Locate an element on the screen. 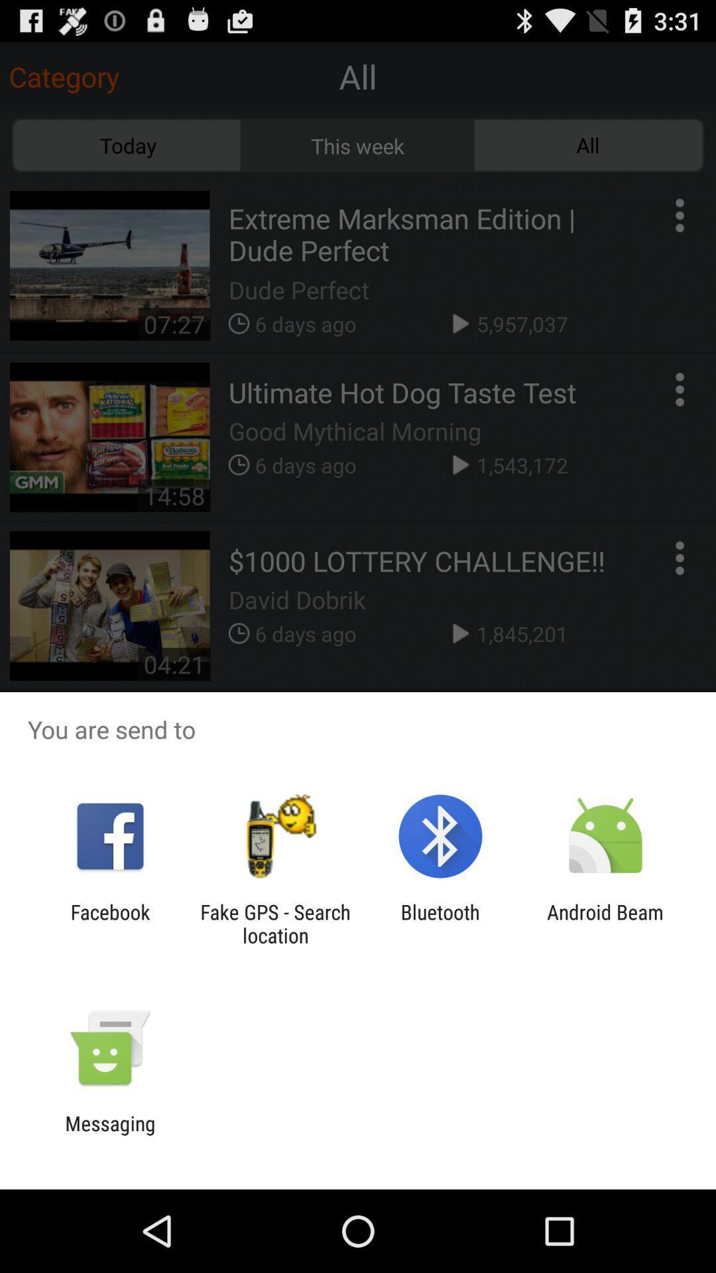 The width and height of the screenshot is (716, 1273). messaging item is located at coordinates (109, 1134).